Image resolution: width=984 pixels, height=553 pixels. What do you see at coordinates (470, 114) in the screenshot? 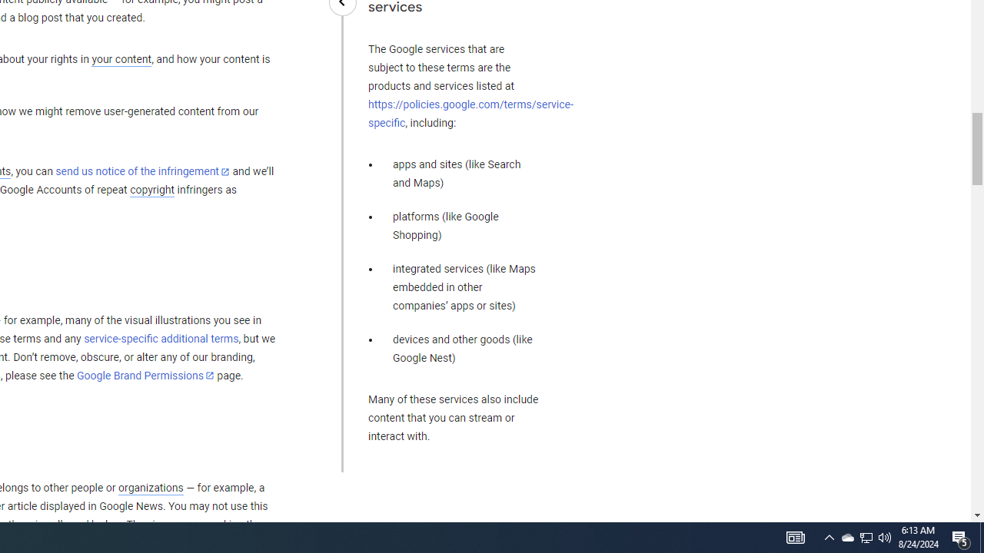
I see `'https://policies.google.com/terms/service-specific'` at bounding box center [470, 114].